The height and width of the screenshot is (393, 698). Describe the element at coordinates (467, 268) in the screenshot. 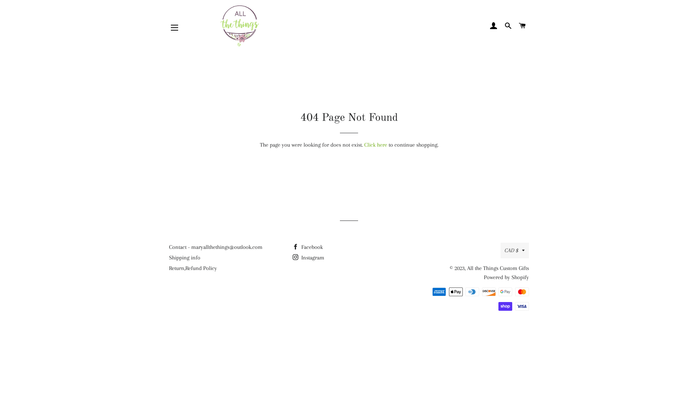

I see `'All the Things Custom Gifts'` at that location.